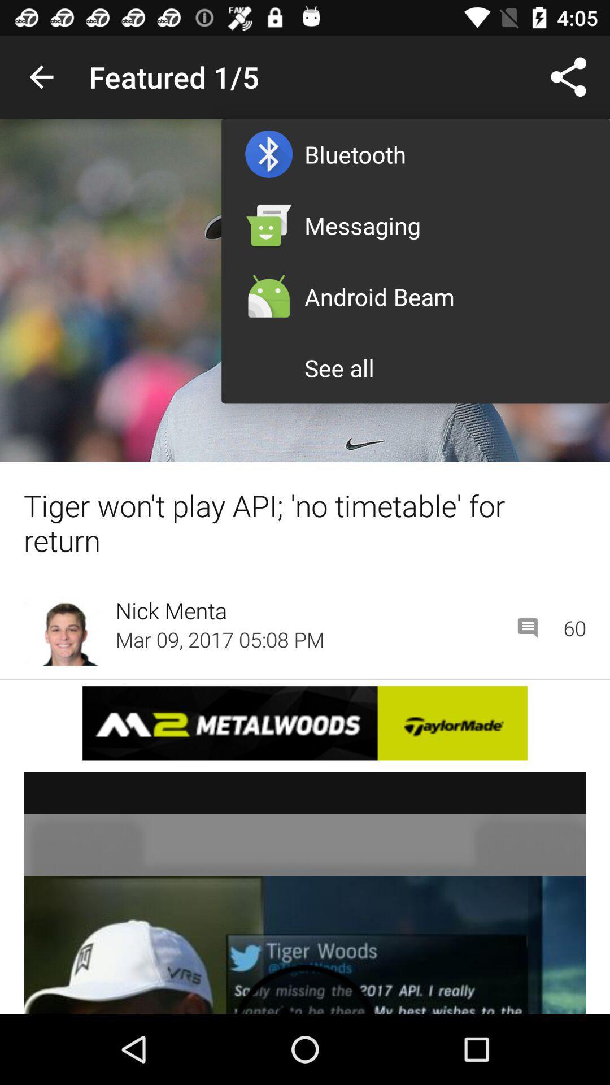 Image resolution: width=610 pixels, height=1085 pixels. Describe the element at coordinates (305, 722) in the screenshot. I see `advertisement` at that location.